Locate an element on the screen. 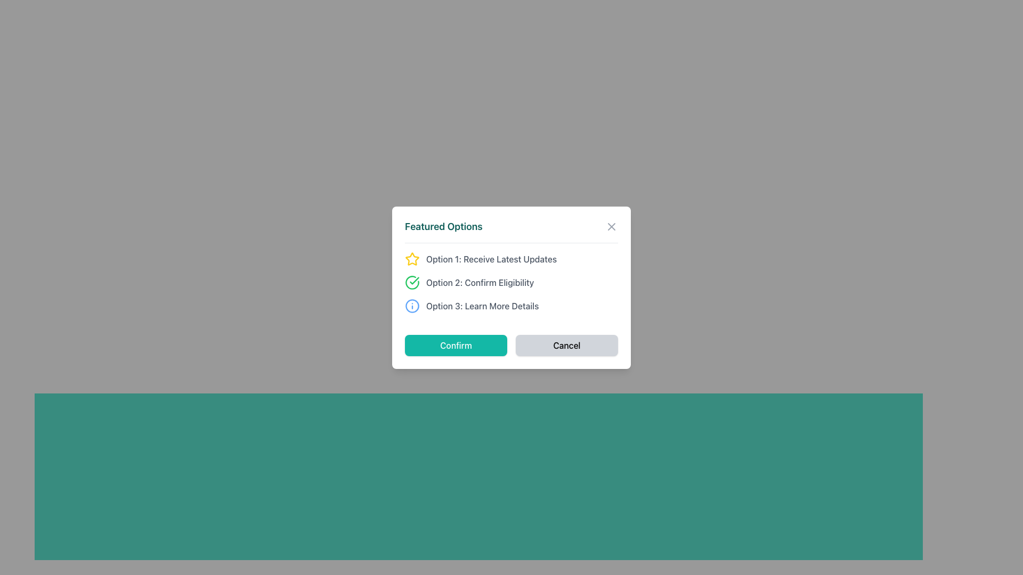 This screenshot has height=575, width=1023. the circular green checkmark icon located to the left of the text 'Option 2: Confirm Eligibility', which indicates a successful status is located at coordinates (411, 282).